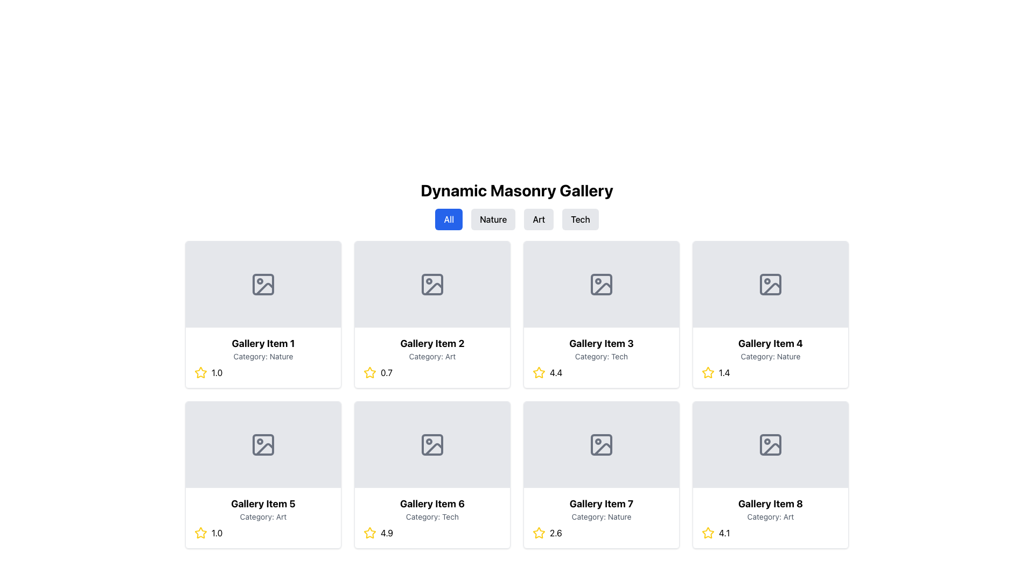  I want to click on 'Art' text label that indicates the category of the related gallery item, positioned below 'Gallery Item 2' and above the star icon, so click(432, 357).